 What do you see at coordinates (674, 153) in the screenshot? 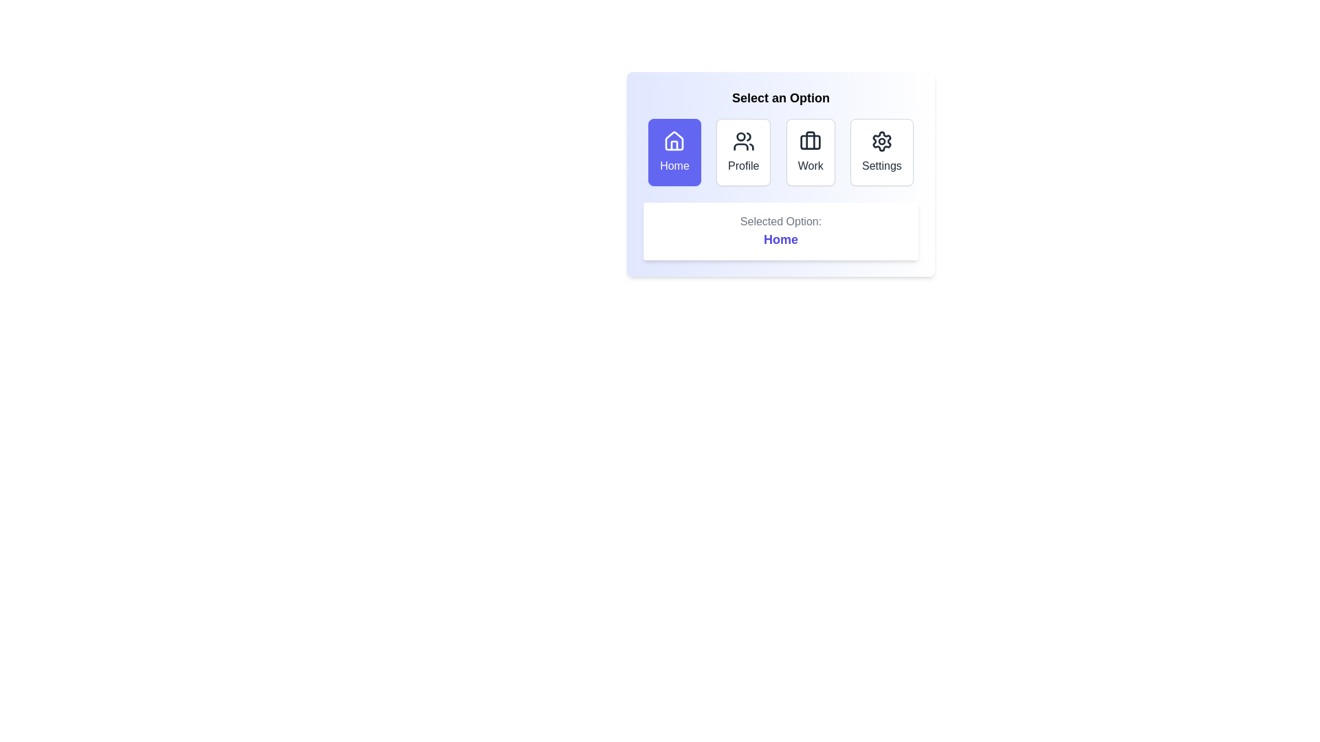
I see `the Home button to select it` at bounding box center [674, 153].